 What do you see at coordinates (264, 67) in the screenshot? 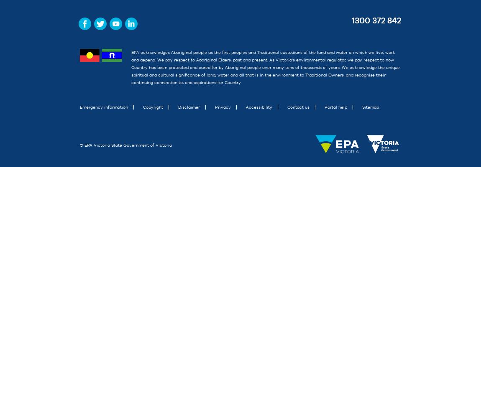
I see `'EPA acknowledges Aboriginal people as the first peoples and Traditional custodians of the land and water on which we live, work and depend. We pay respect to Aboriginal Elders, past and present. As Victoria's environmental regulator, we pay respect to how Country has been protected and cared for by Aboriginal people over many tens of thousands of years. We acknowledge the unique spiritual and cultural significance of land, water and all that is in the environment to Traditional Owners, and recognise their continuing connection to, and aspirations for Country.'` at bounding box center [264, 67].